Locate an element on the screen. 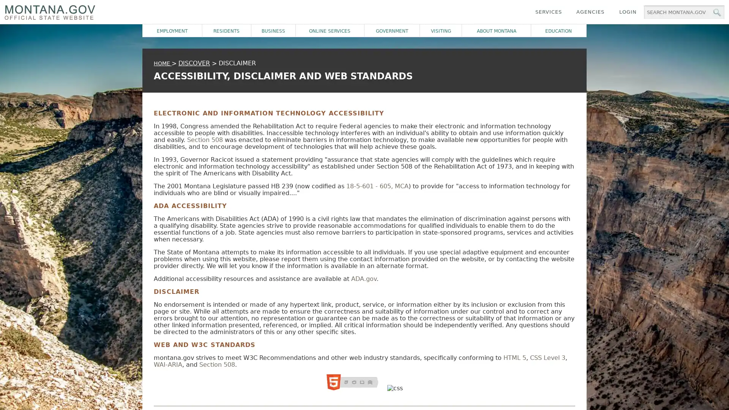  MT.gov Search Button is located at coordinates (716, 13).